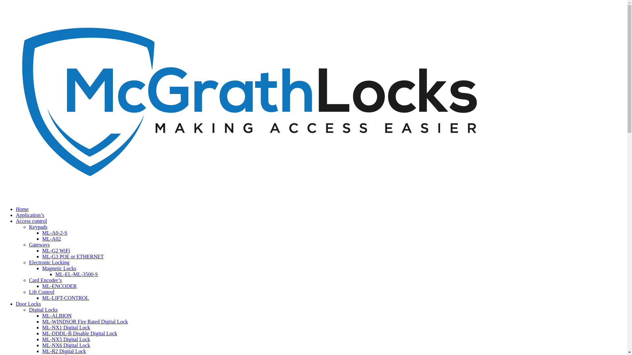 This screenshot has width=632, height=355. What do you see at coordinates (22, 209) in the screenshot?
I see `'Home'` at bounding box center [22, 209].